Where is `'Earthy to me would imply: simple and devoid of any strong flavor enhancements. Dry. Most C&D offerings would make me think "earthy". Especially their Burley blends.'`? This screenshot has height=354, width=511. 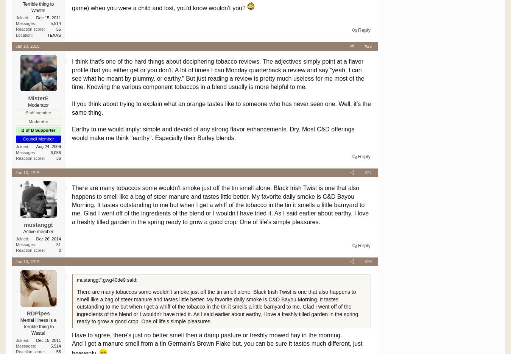 'Earthy to me would imply: simple and devoid of any strong flavor enhancements. Dry. Most C&D offerings would make me think "earthy". Especially their Burley blends.' is located at coordinates (212, 133).